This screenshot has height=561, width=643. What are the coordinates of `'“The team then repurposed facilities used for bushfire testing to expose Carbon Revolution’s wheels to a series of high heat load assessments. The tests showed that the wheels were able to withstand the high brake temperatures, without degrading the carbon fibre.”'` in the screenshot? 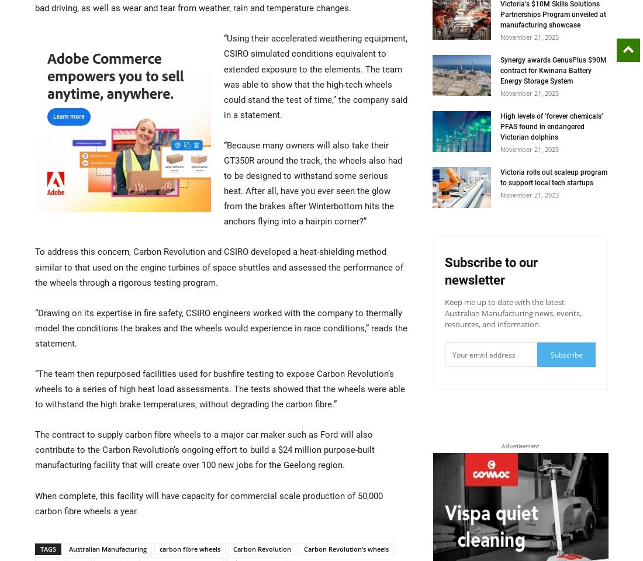 It's located at (220, 389).